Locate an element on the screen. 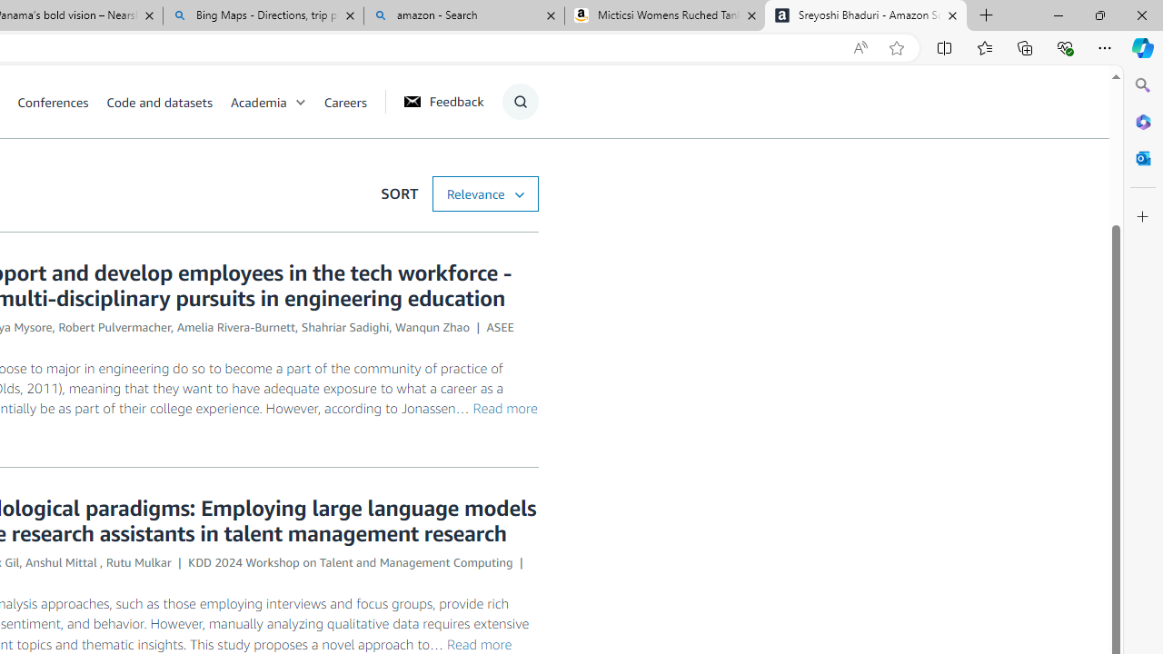  'Careers' is located at coordinates (353, 101).